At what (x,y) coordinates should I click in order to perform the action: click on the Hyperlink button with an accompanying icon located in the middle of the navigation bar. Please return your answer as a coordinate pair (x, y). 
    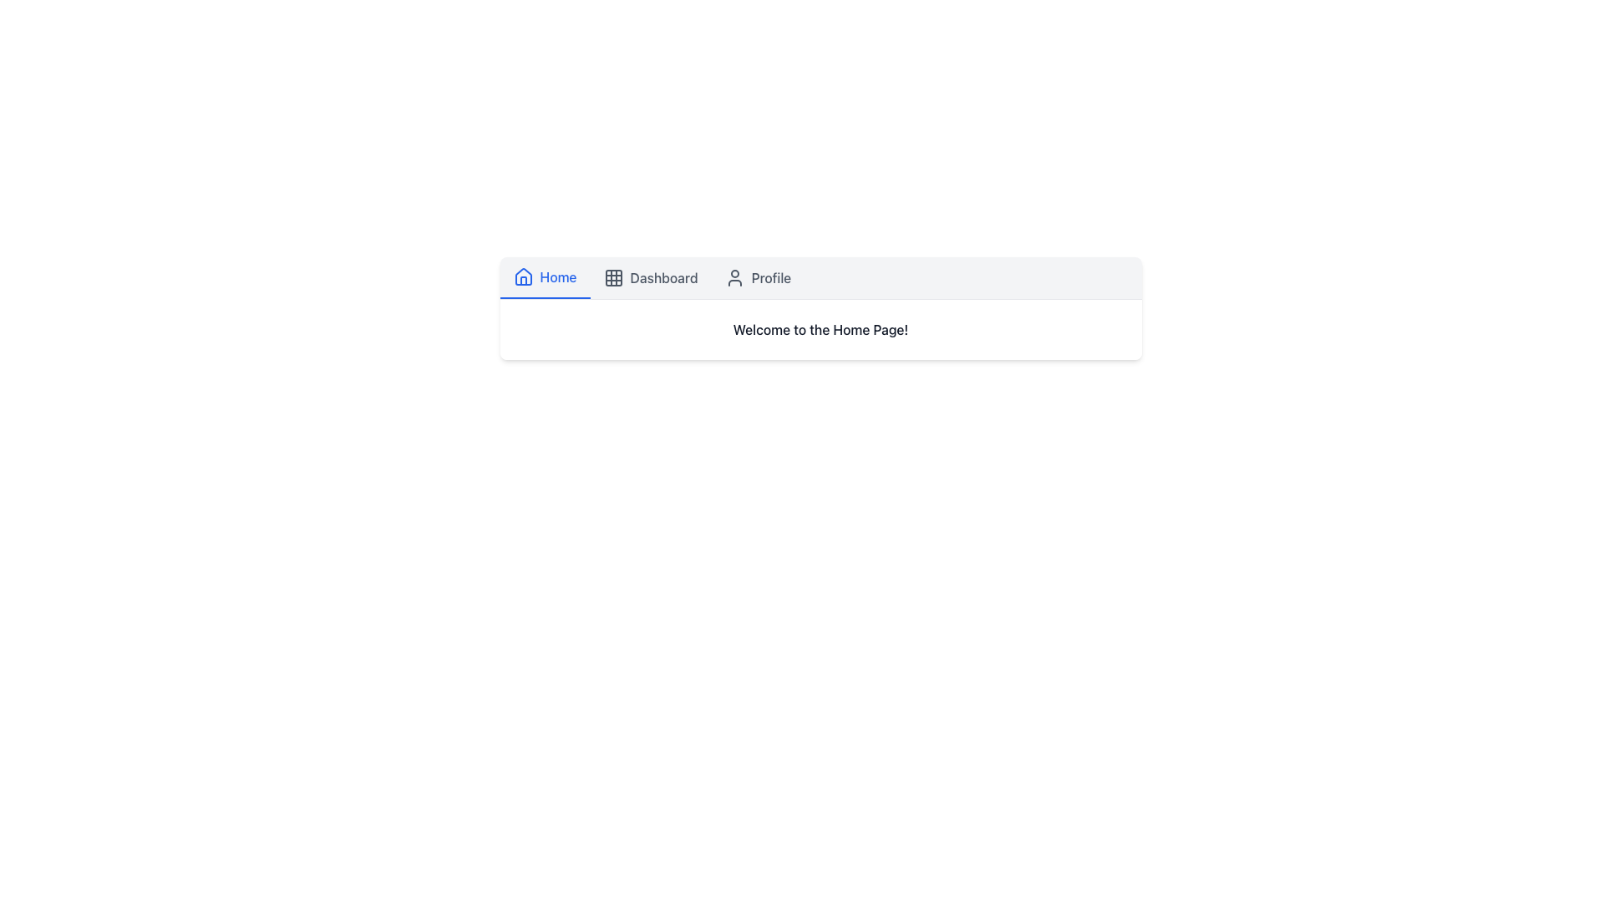
    Looking at the image, I should click on (649, 276).